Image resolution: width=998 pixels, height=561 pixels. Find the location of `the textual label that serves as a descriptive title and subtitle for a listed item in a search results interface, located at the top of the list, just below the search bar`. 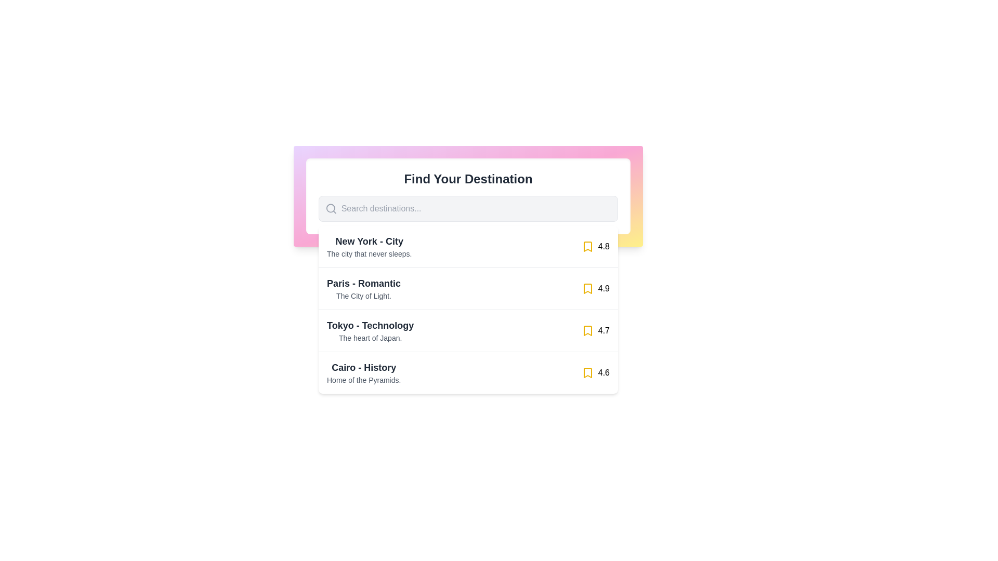

the textual label that serves as a descriptive title and subtitle for a listed item in a search results interface, located at the top of the list, just below the search bar is located at coordinates (369, 246).